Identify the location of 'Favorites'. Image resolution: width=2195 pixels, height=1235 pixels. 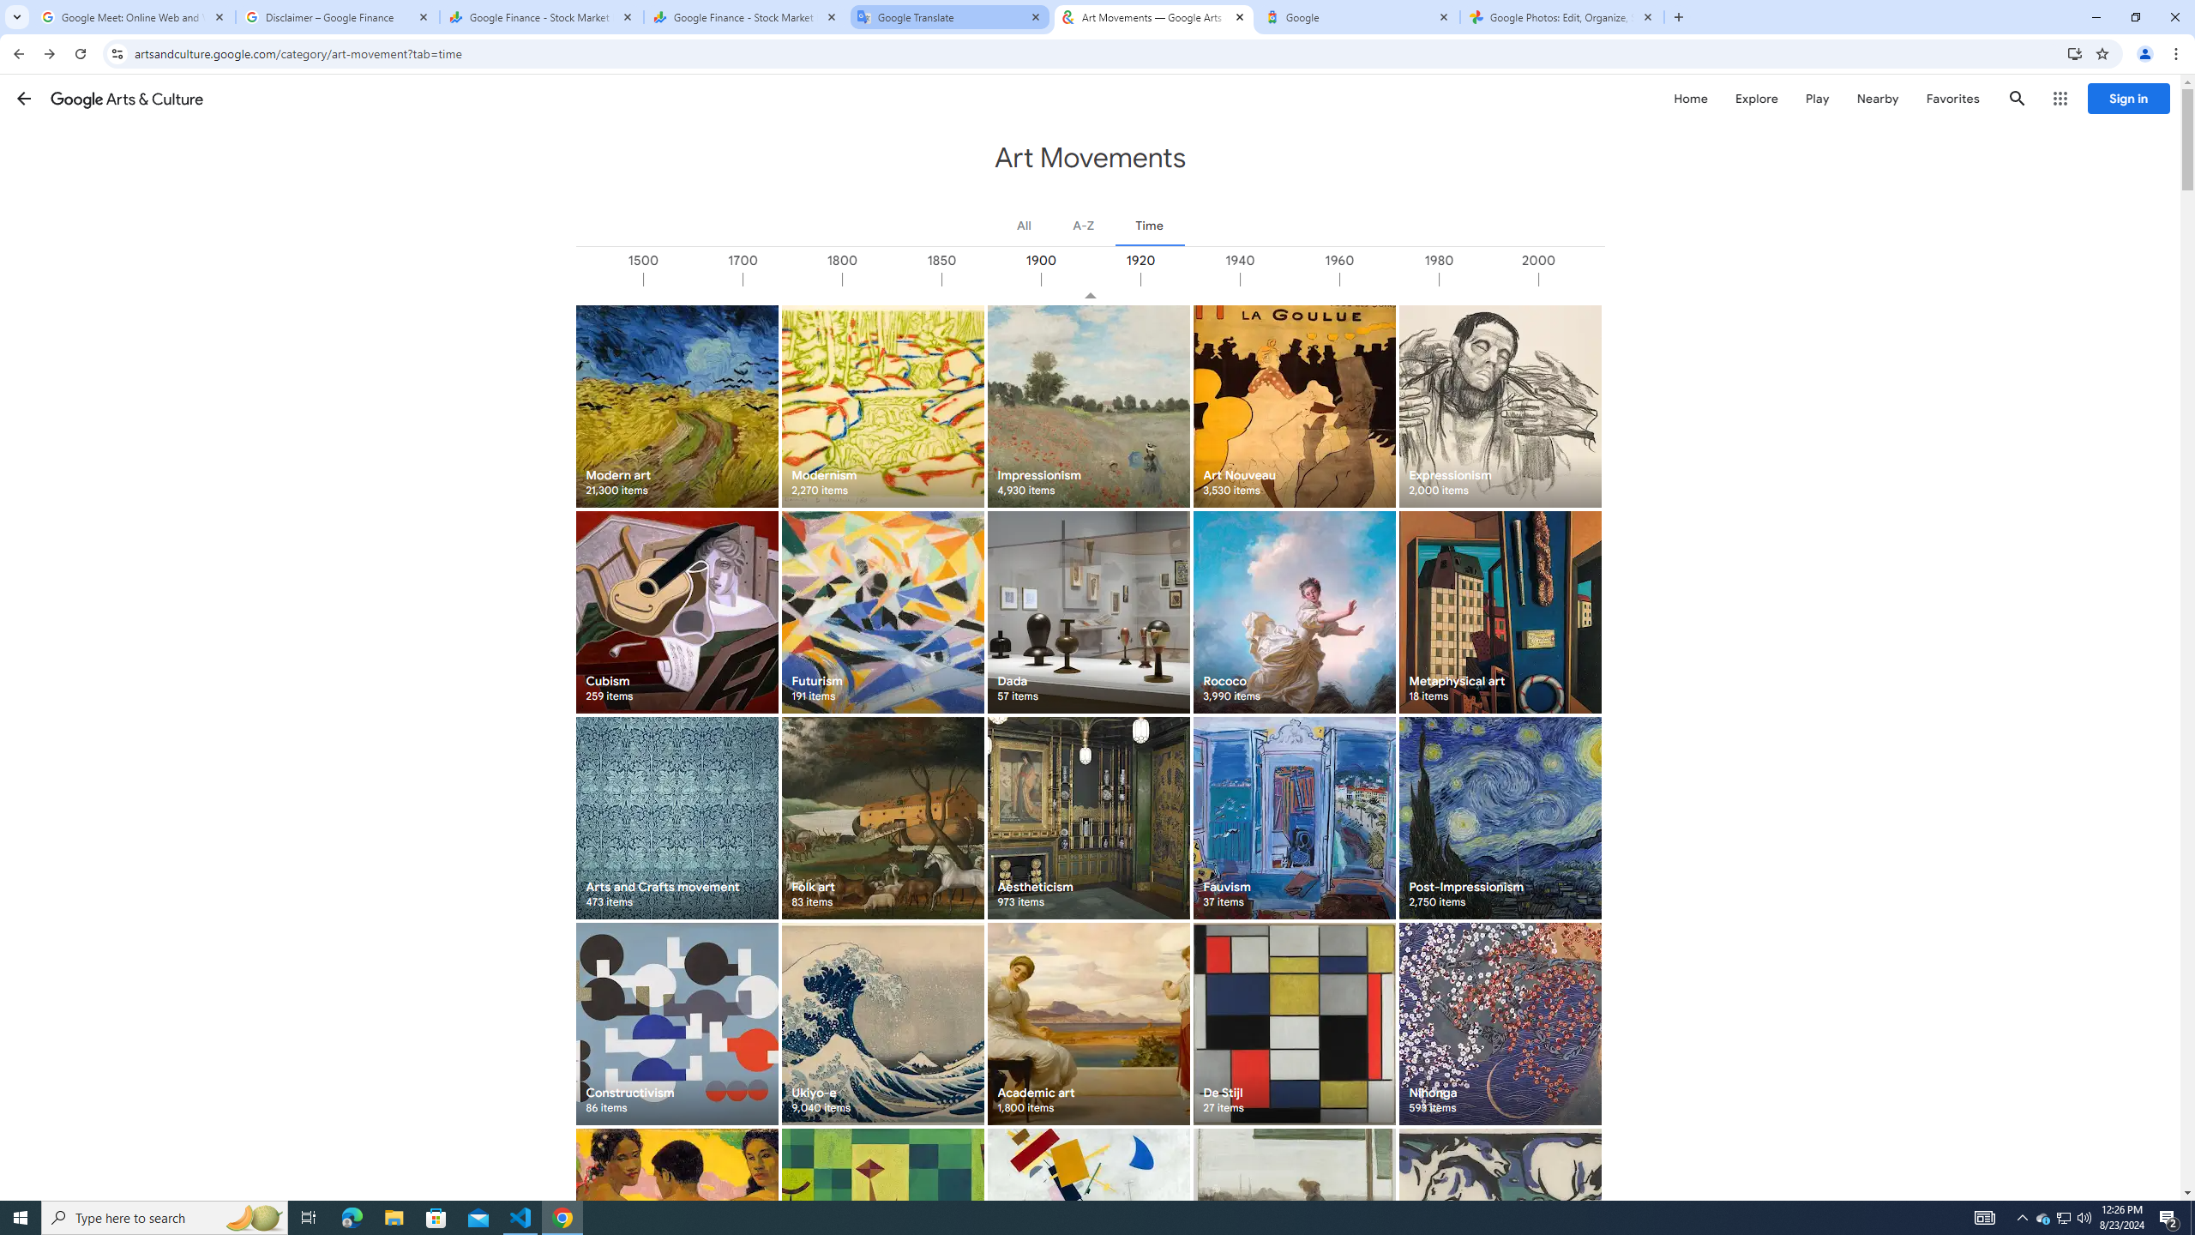
(1951, 98).